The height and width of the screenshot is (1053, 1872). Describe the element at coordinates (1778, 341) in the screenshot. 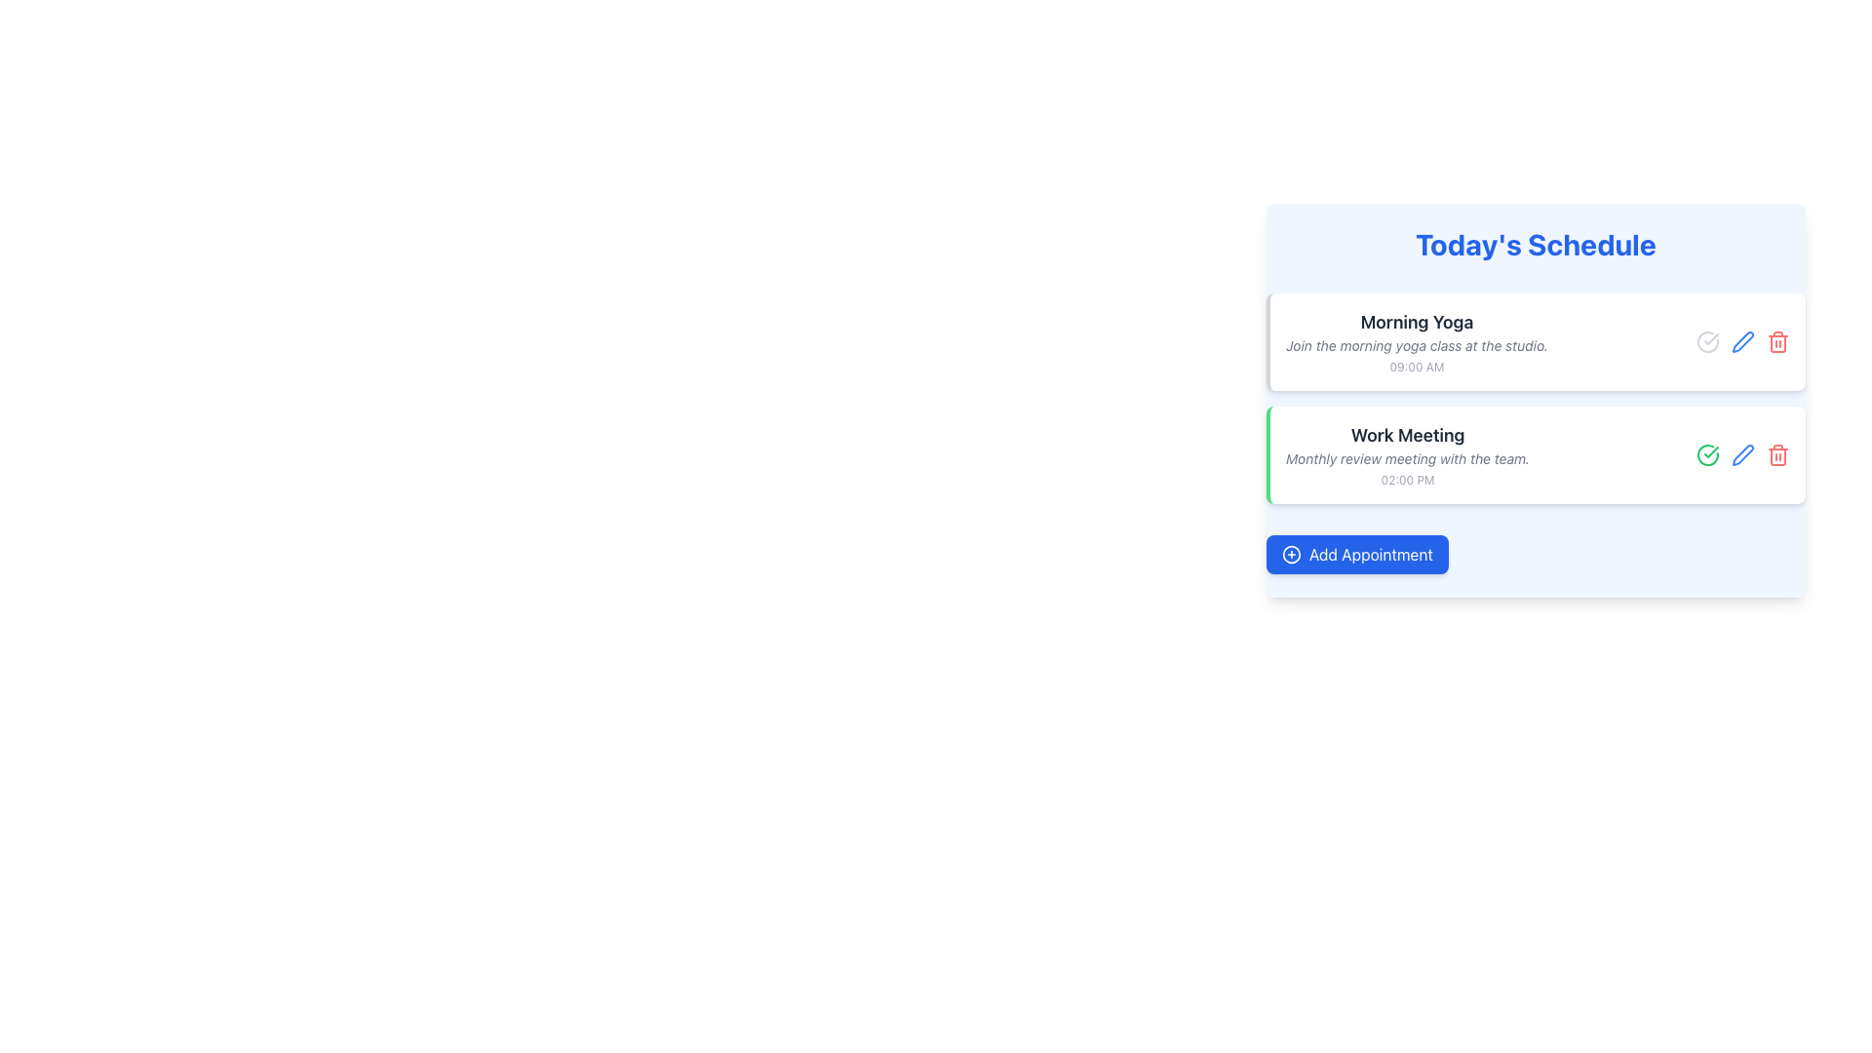

I see `the delete icon button located at the far right of the 'Morning Yoga' appointment row in the 'Today's Schedule' section` at that location.